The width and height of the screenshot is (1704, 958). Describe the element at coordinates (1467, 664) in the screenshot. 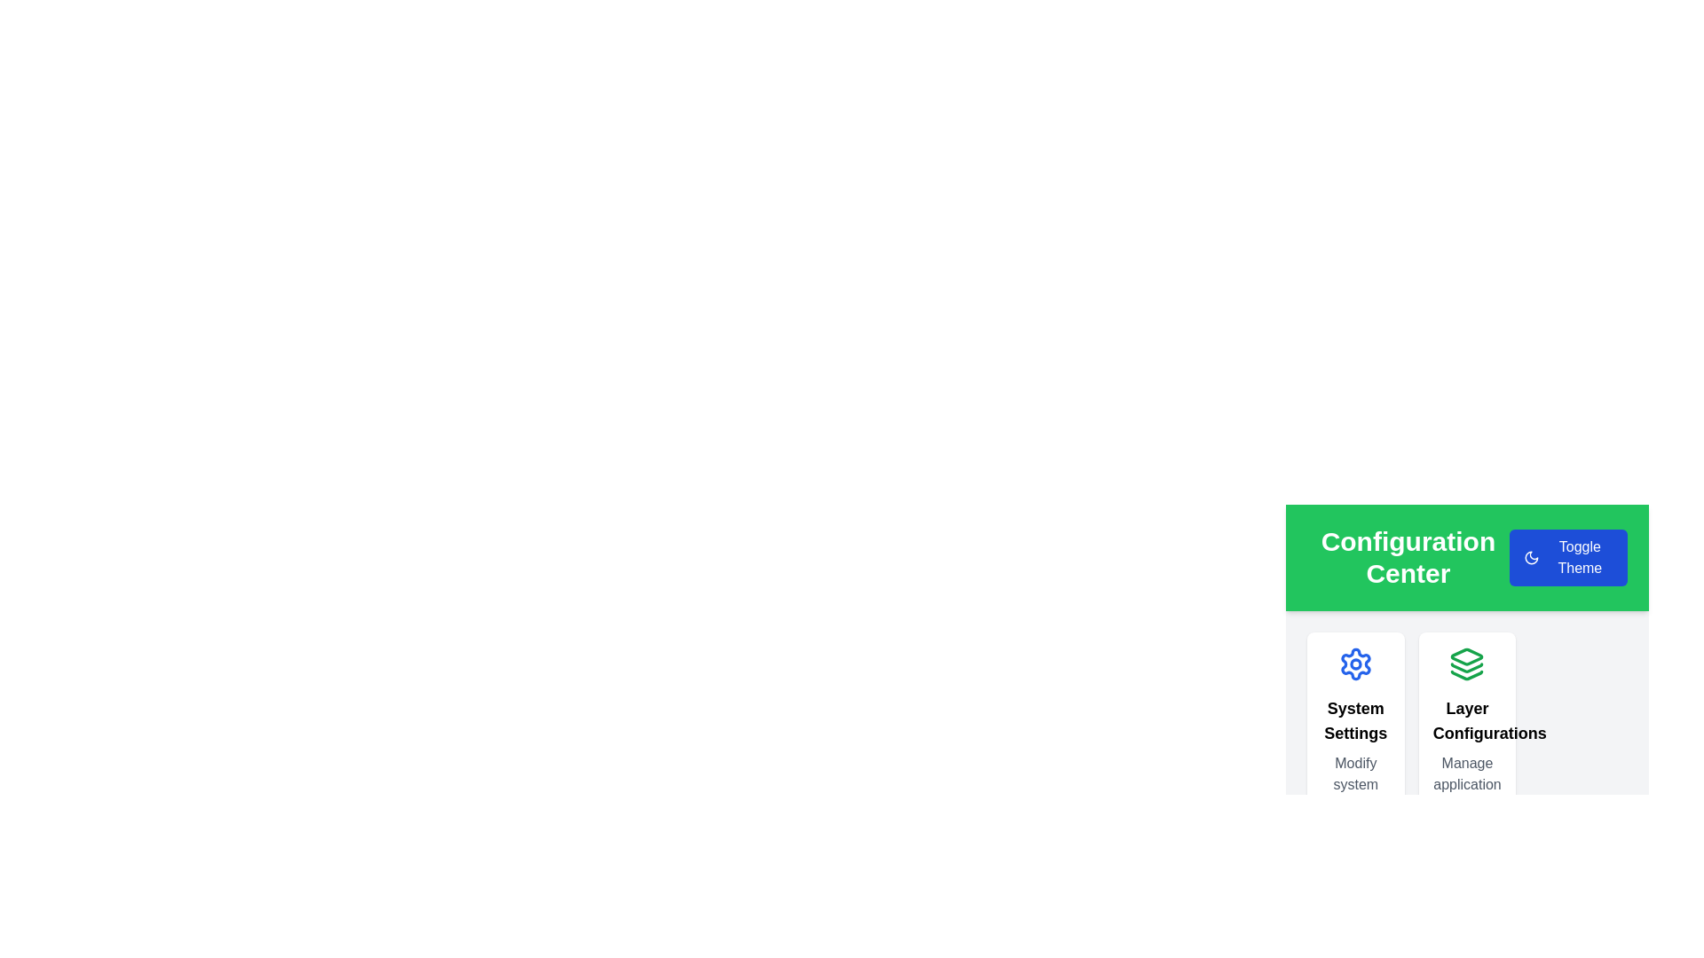

I see `the layered stack icon with a green outline located at the top of the card labeled 'Layer Configurations', positioned adjacent to the card labeled 'System Settings'` at that location.